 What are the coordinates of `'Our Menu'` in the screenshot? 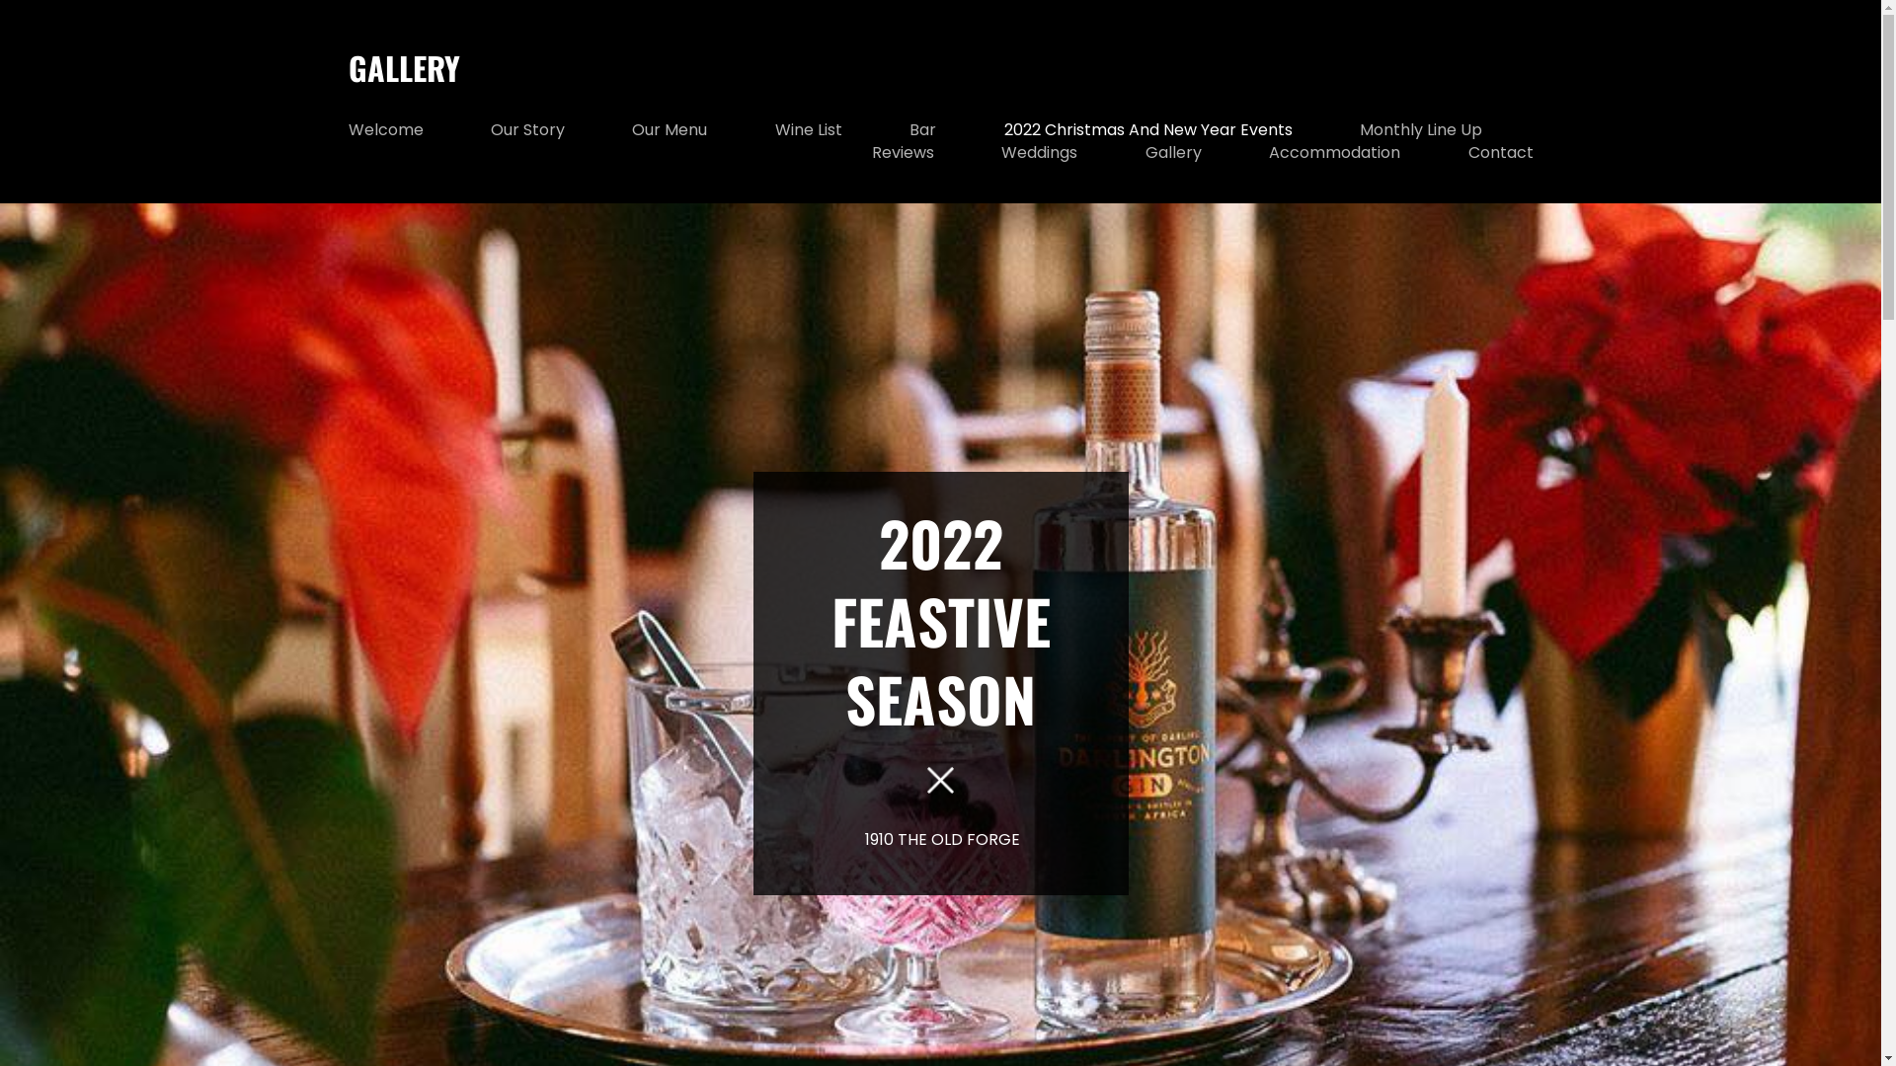 It's located at (669, 129).